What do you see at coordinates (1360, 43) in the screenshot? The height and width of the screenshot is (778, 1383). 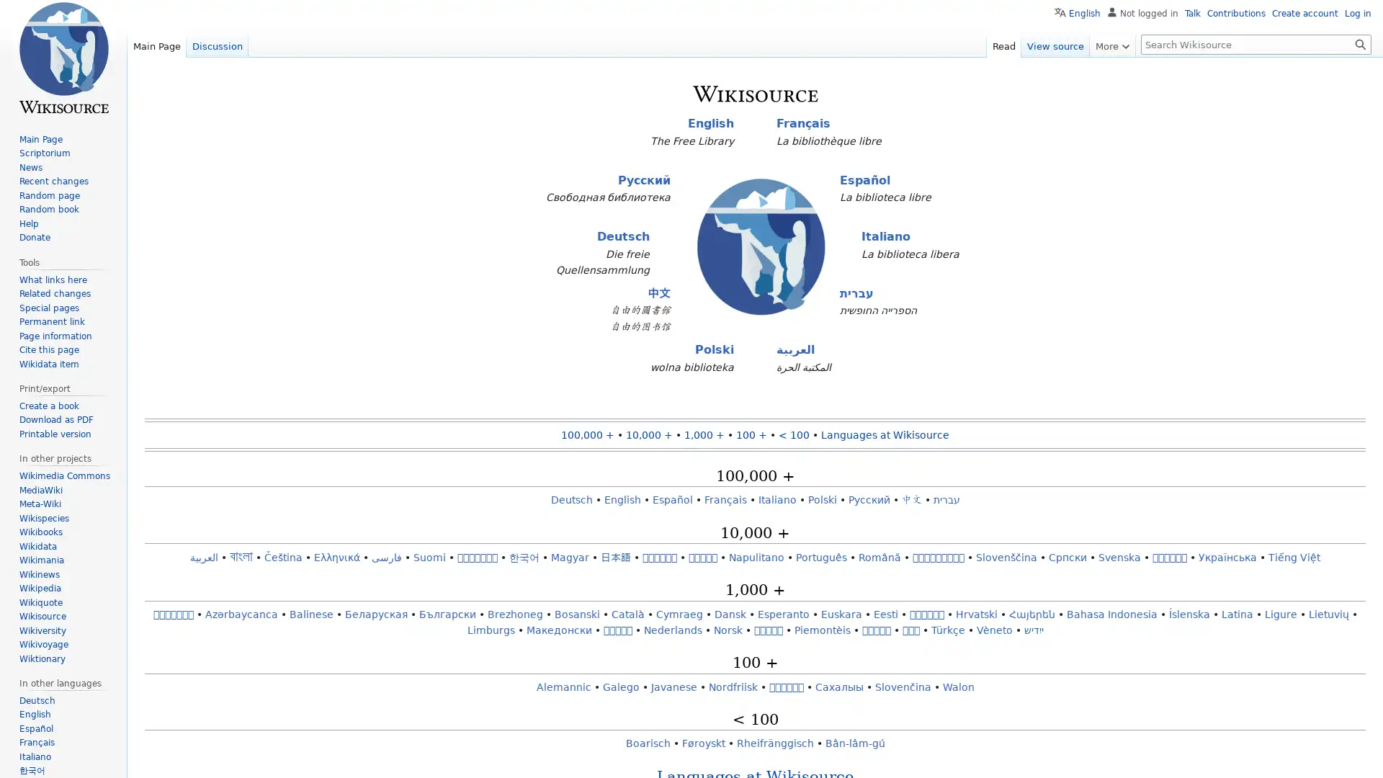 I see `Go` at bounding box center [1360, 43].